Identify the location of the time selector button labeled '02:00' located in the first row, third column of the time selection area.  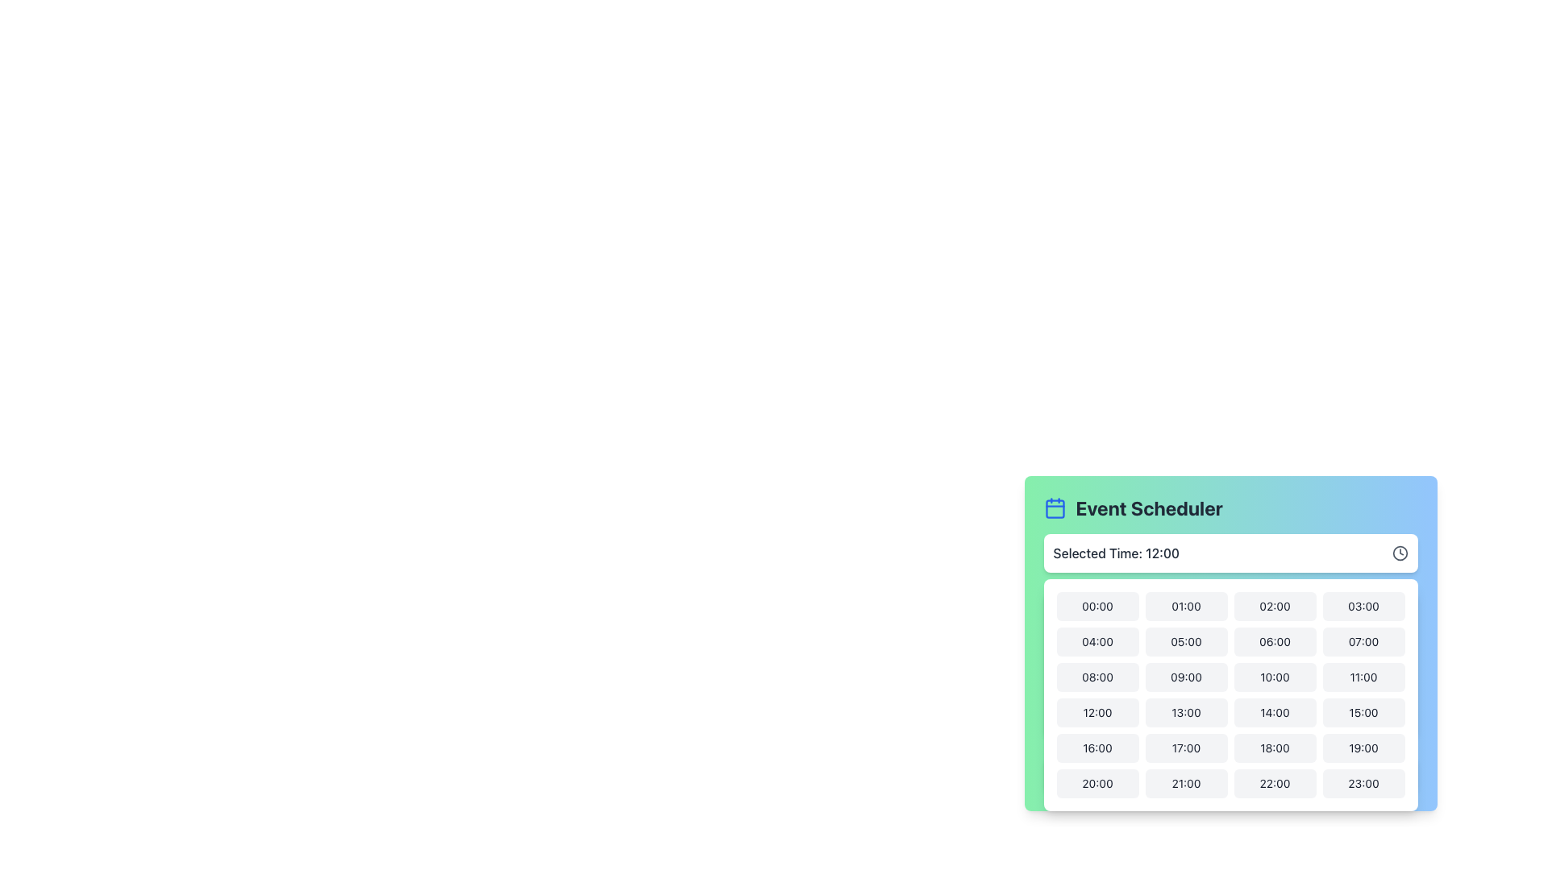
(1274, 606).